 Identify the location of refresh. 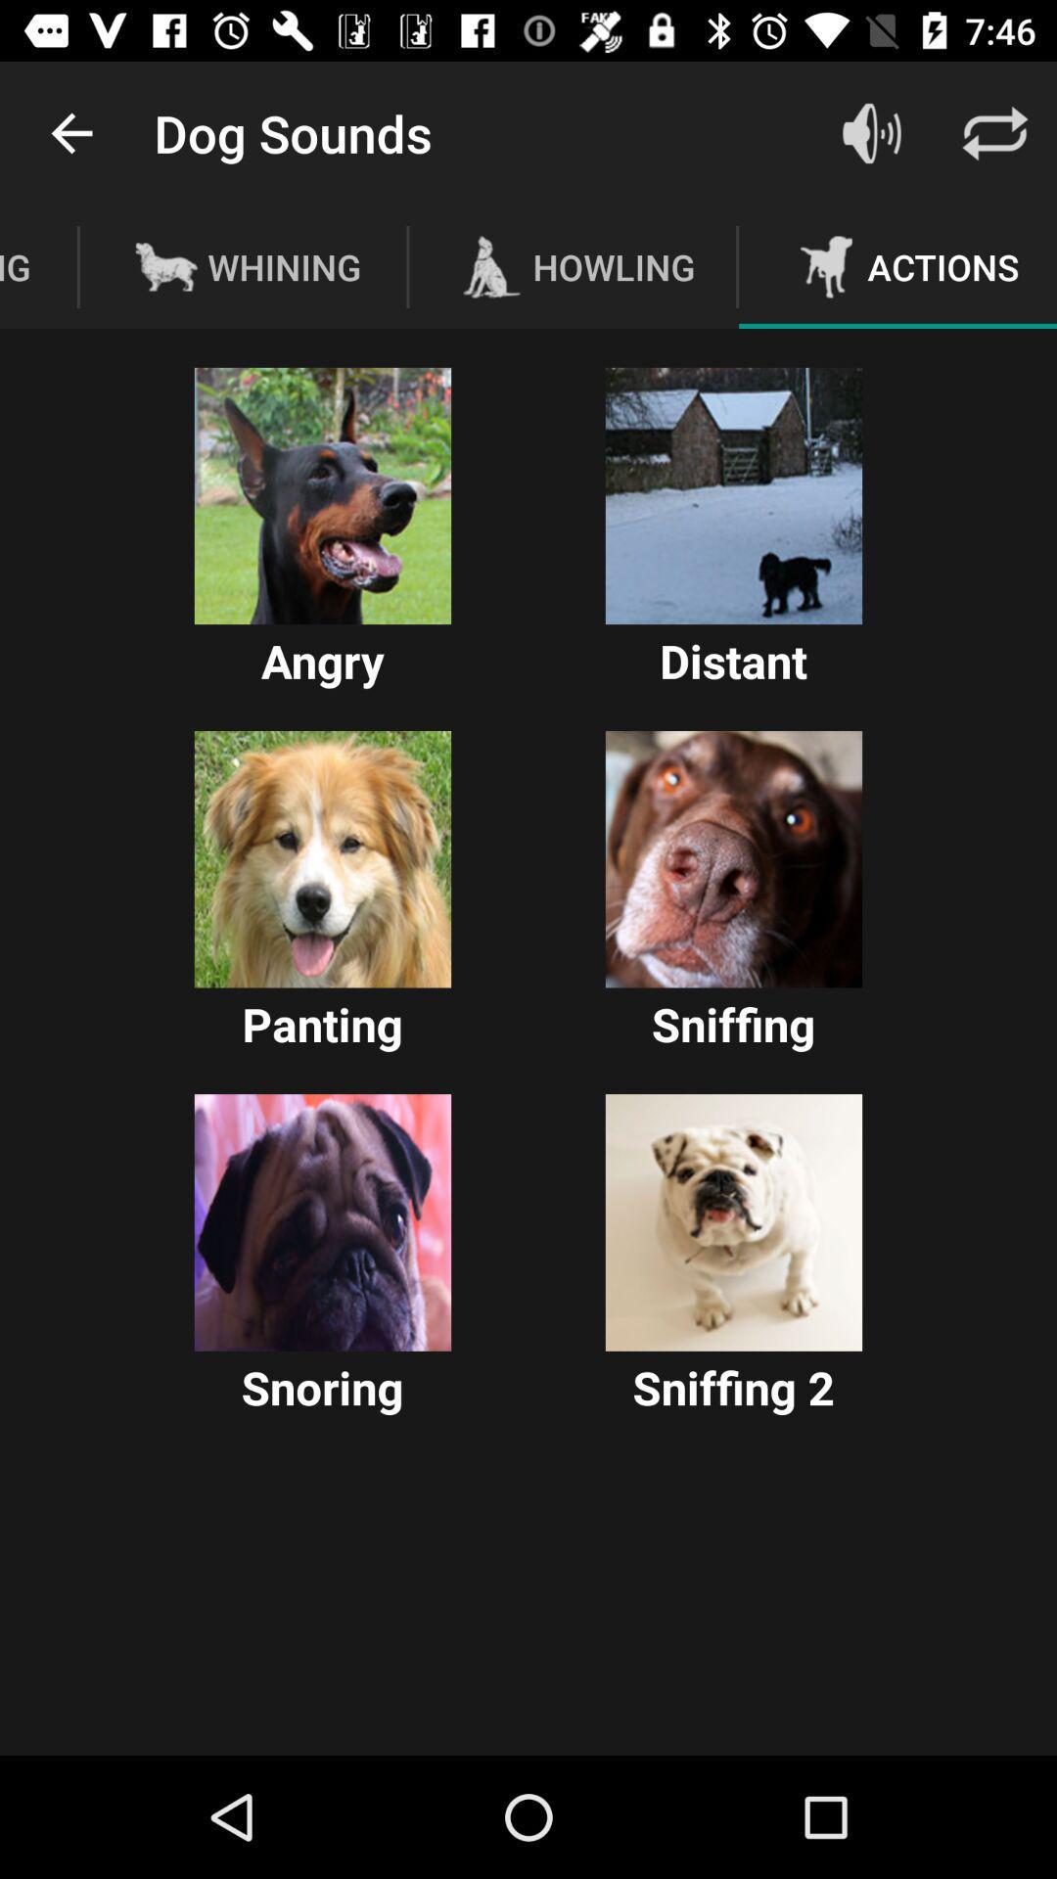
(995, 132).